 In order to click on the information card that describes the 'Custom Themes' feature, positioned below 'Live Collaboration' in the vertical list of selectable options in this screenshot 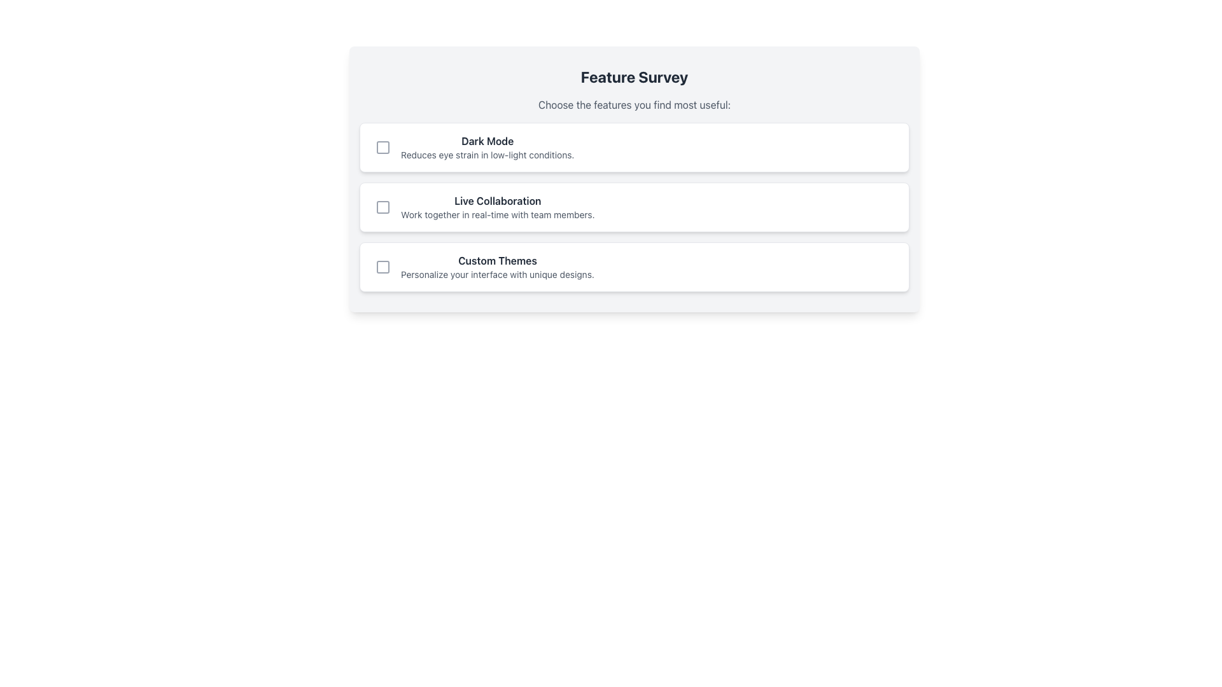, I will do `click(497, 267)`.